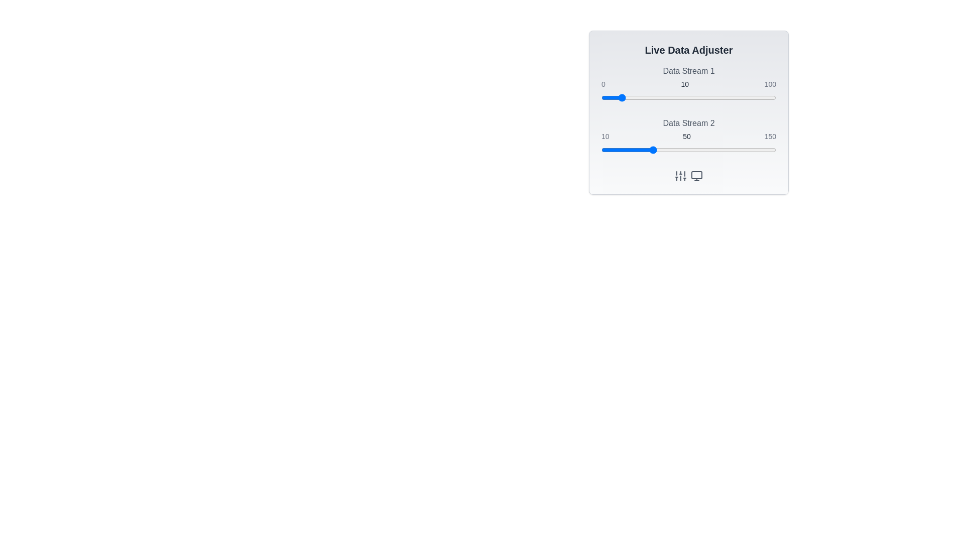 Image resolution: width=964 pixels, height=542 pixels. I want to click on the slider value, so click(681, 150).